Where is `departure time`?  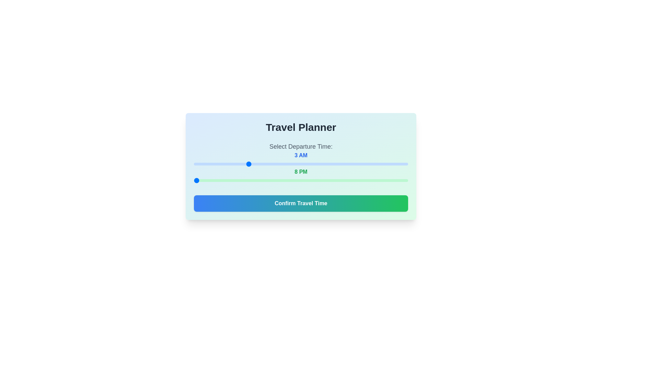
departure time is located at coordinates (283, 164).